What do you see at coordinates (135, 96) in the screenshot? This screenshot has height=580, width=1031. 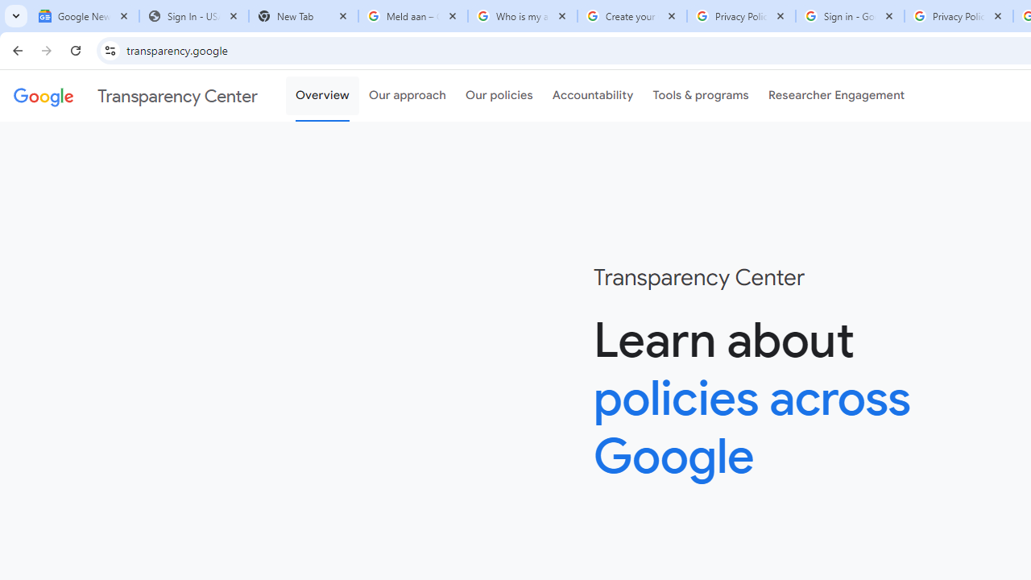 I see `'Transparency Center'` at bounding box center [135, 96].